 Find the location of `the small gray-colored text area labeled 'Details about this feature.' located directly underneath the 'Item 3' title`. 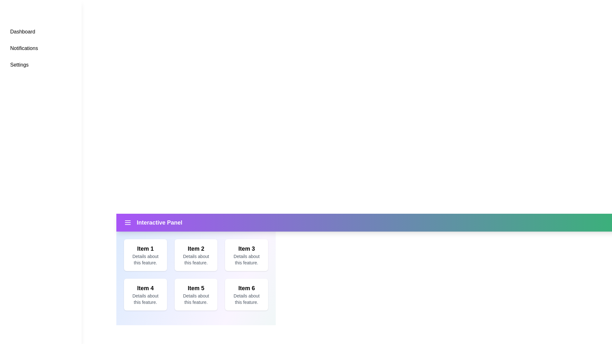

the small gray-colored text area labeled 'Details about this feature.' located directly underneath the 'Item 3' title is located at coordinates (246, 259).